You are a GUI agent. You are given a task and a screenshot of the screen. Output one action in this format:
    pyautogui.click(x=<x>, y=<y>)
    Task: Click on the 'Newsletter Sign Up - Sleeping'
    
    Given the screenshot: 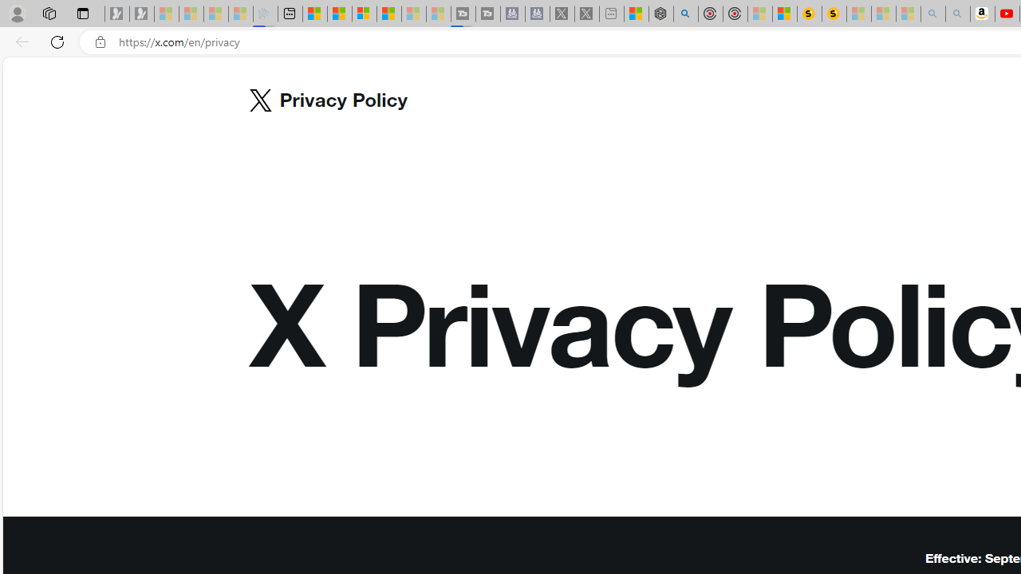 What is the action you would take?
    pyautogui.click(x=141, y=14)
    